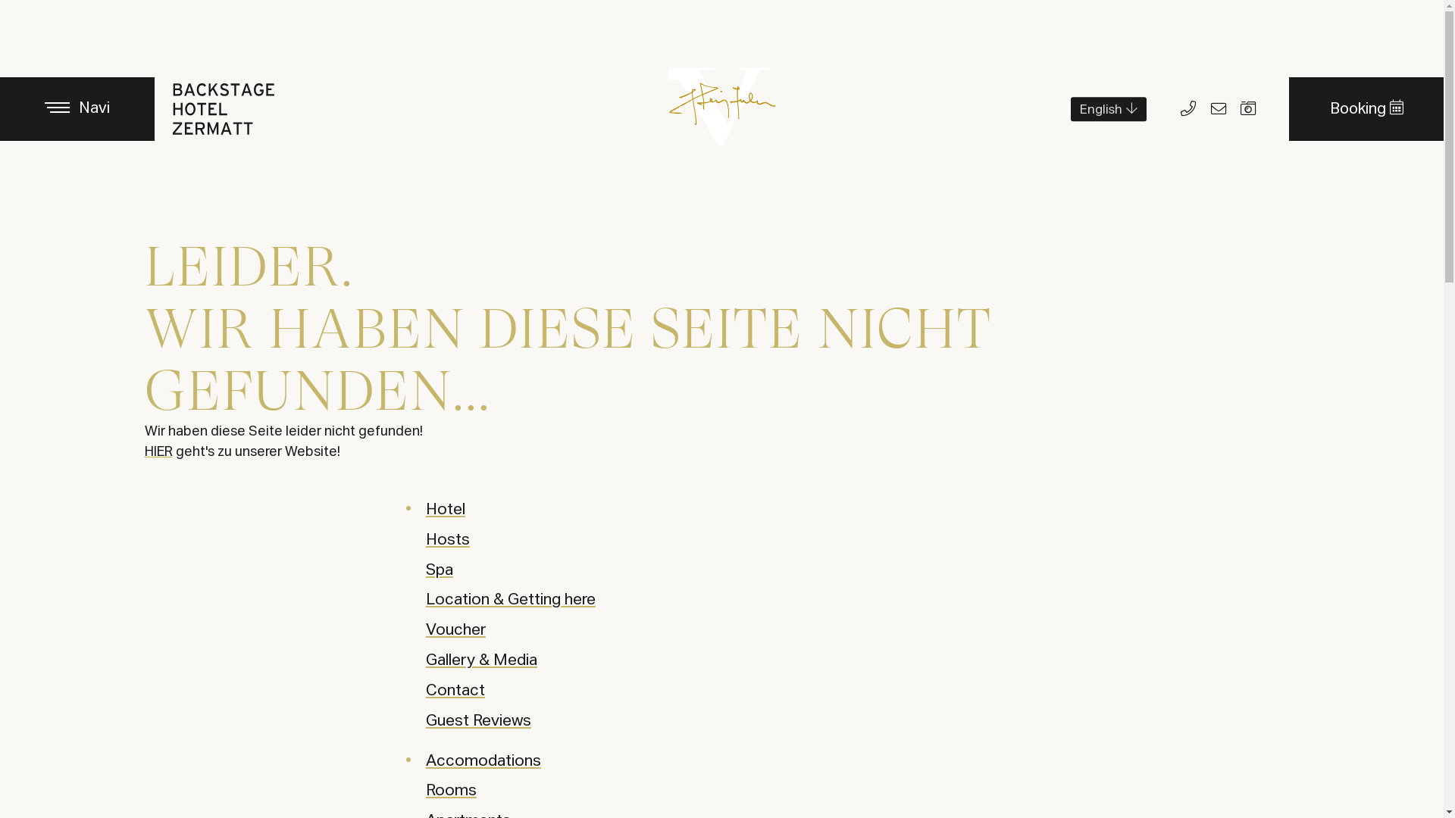 The height and width of the screenshot is (818, 1455). What do you see at coordinates (424, 510) in the screenshot?
I see `'Hotel'` at bounding box center [424, 510].